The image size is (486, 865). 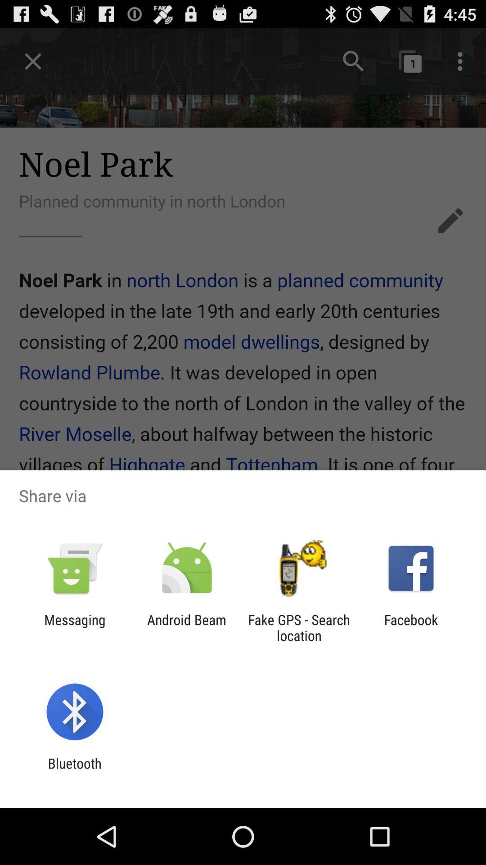 I want to click on messaging icon, so click(x=74, y=627).